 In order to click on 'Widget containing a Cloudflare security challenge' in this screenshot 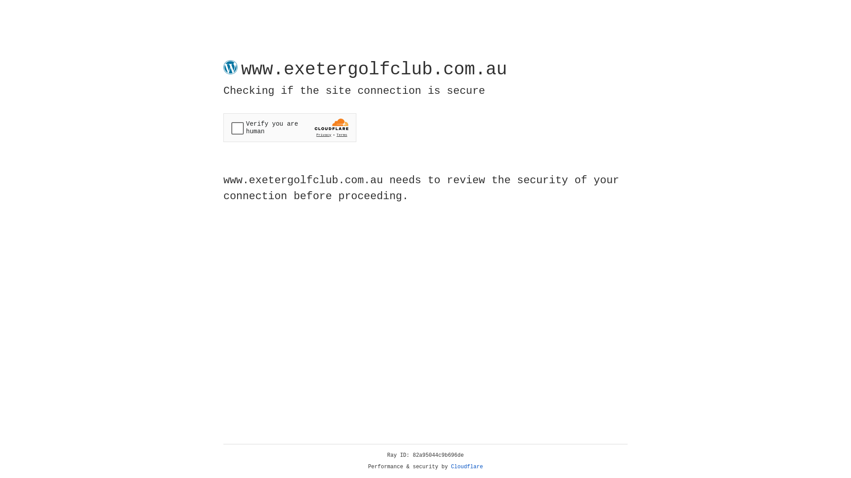, I will do `click(289, 127)`.